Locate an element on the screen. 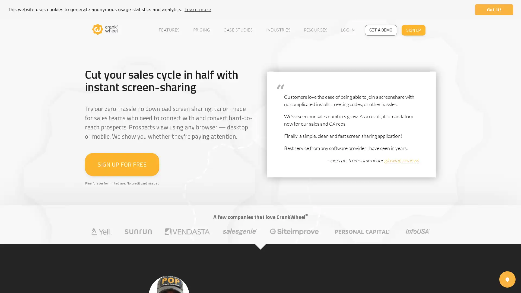  learn more about cookies is located at coordinates (198, 9).